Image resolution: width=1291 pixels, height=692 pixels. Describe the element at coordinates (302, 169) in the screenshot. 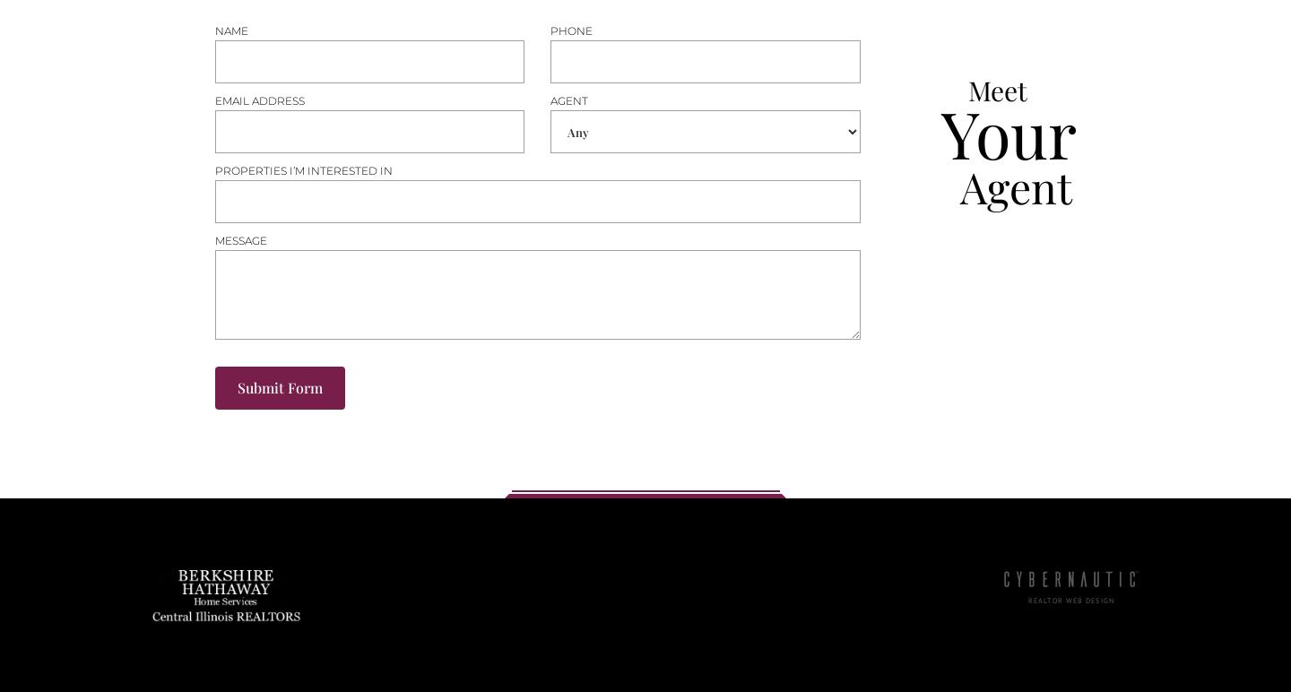

I see `'Properties i’m interested in'` at that location.